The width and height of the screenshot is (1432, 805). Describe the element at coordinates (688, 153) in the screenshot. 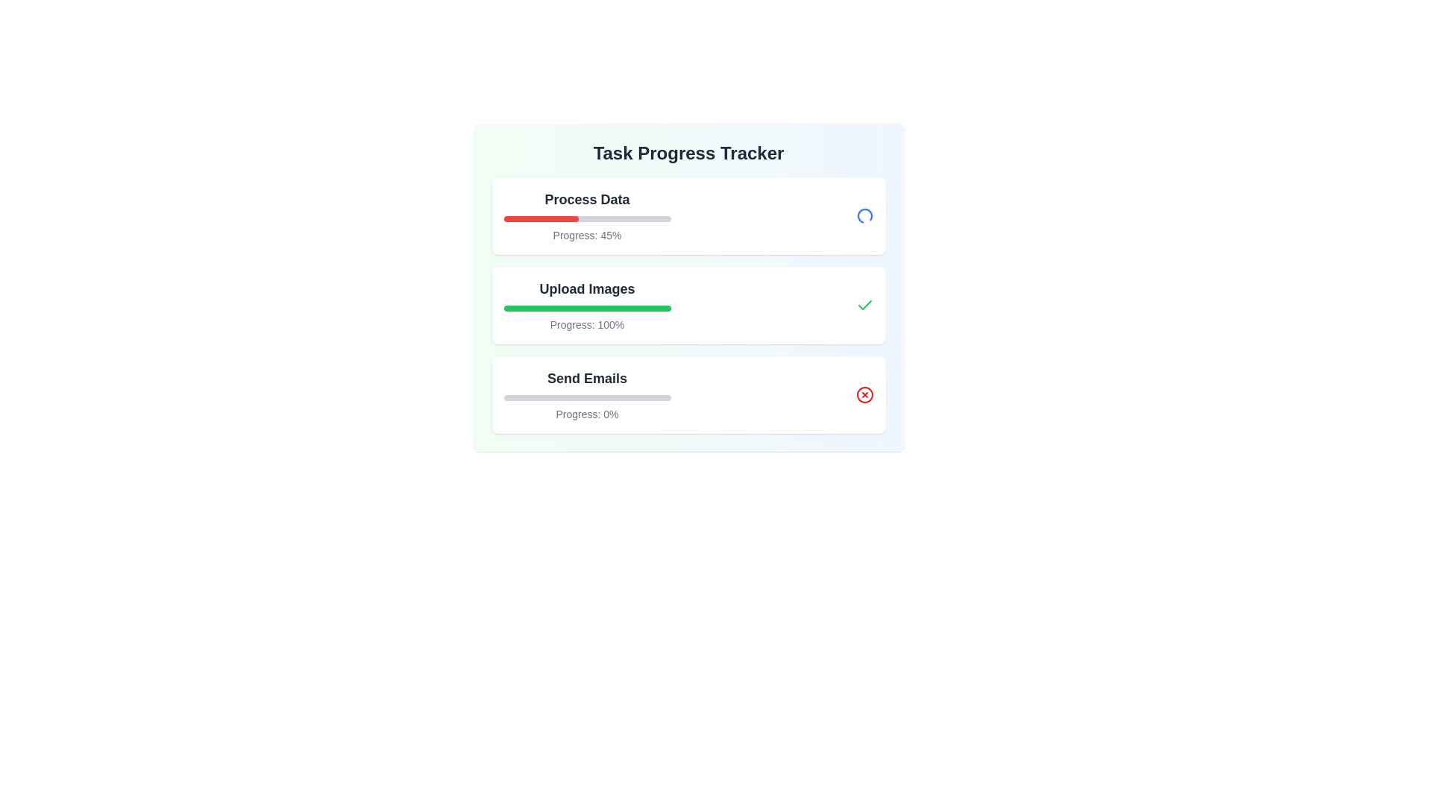

I see `the text label that serves as the title for the card summarizing task progress tracking, located at the top center of the card` at that location.